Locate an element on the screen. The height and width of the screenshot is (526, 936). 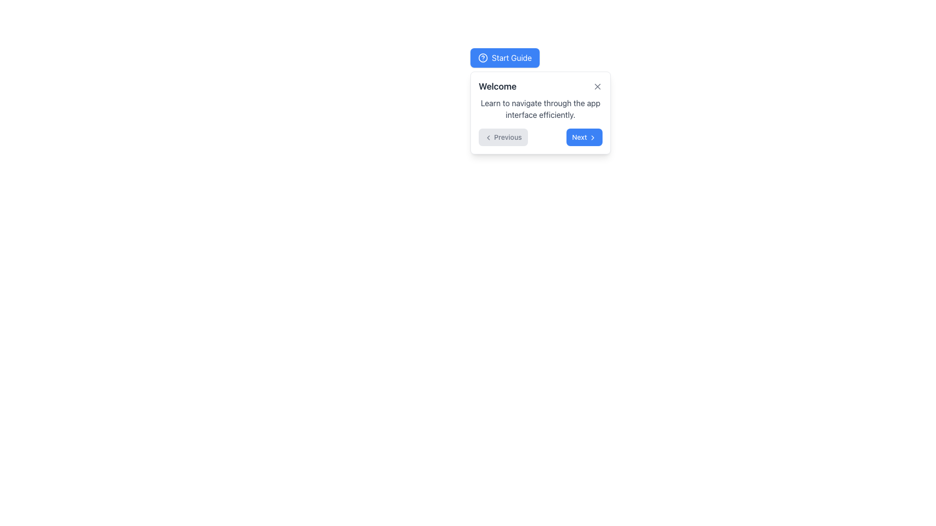
the Close button located at the top-right corner of the pop-up card is located at coordinates (597, 86).